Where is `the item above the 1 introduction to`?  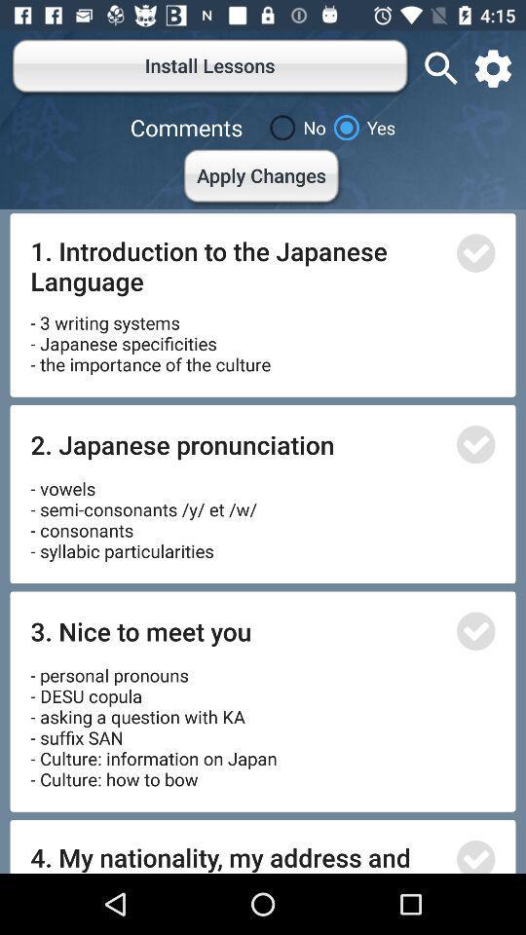
the item above the 1 introduction to is located at coordinates (262, 178).